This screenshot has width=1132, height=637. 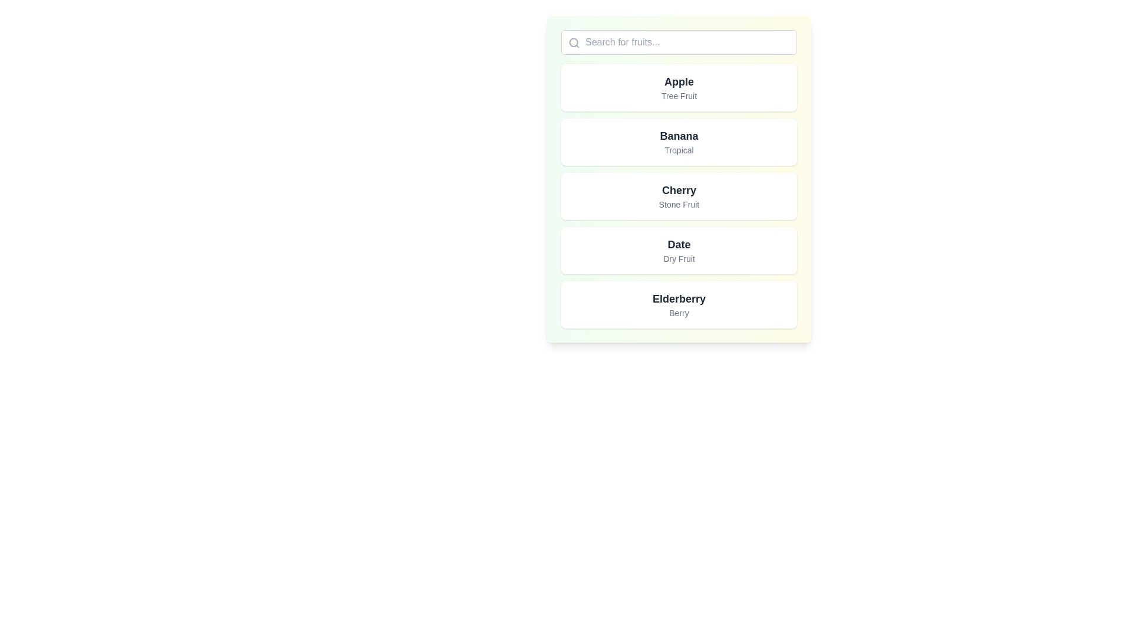 What do you see at coordinates (679, 95) in the screenshot?
I see `the text label reading 'Tree Fruit' which is styled with a smaller font size and light gray color, located beneath the title 'Apple' within a rectangular card` at bounding box center [679, 95].